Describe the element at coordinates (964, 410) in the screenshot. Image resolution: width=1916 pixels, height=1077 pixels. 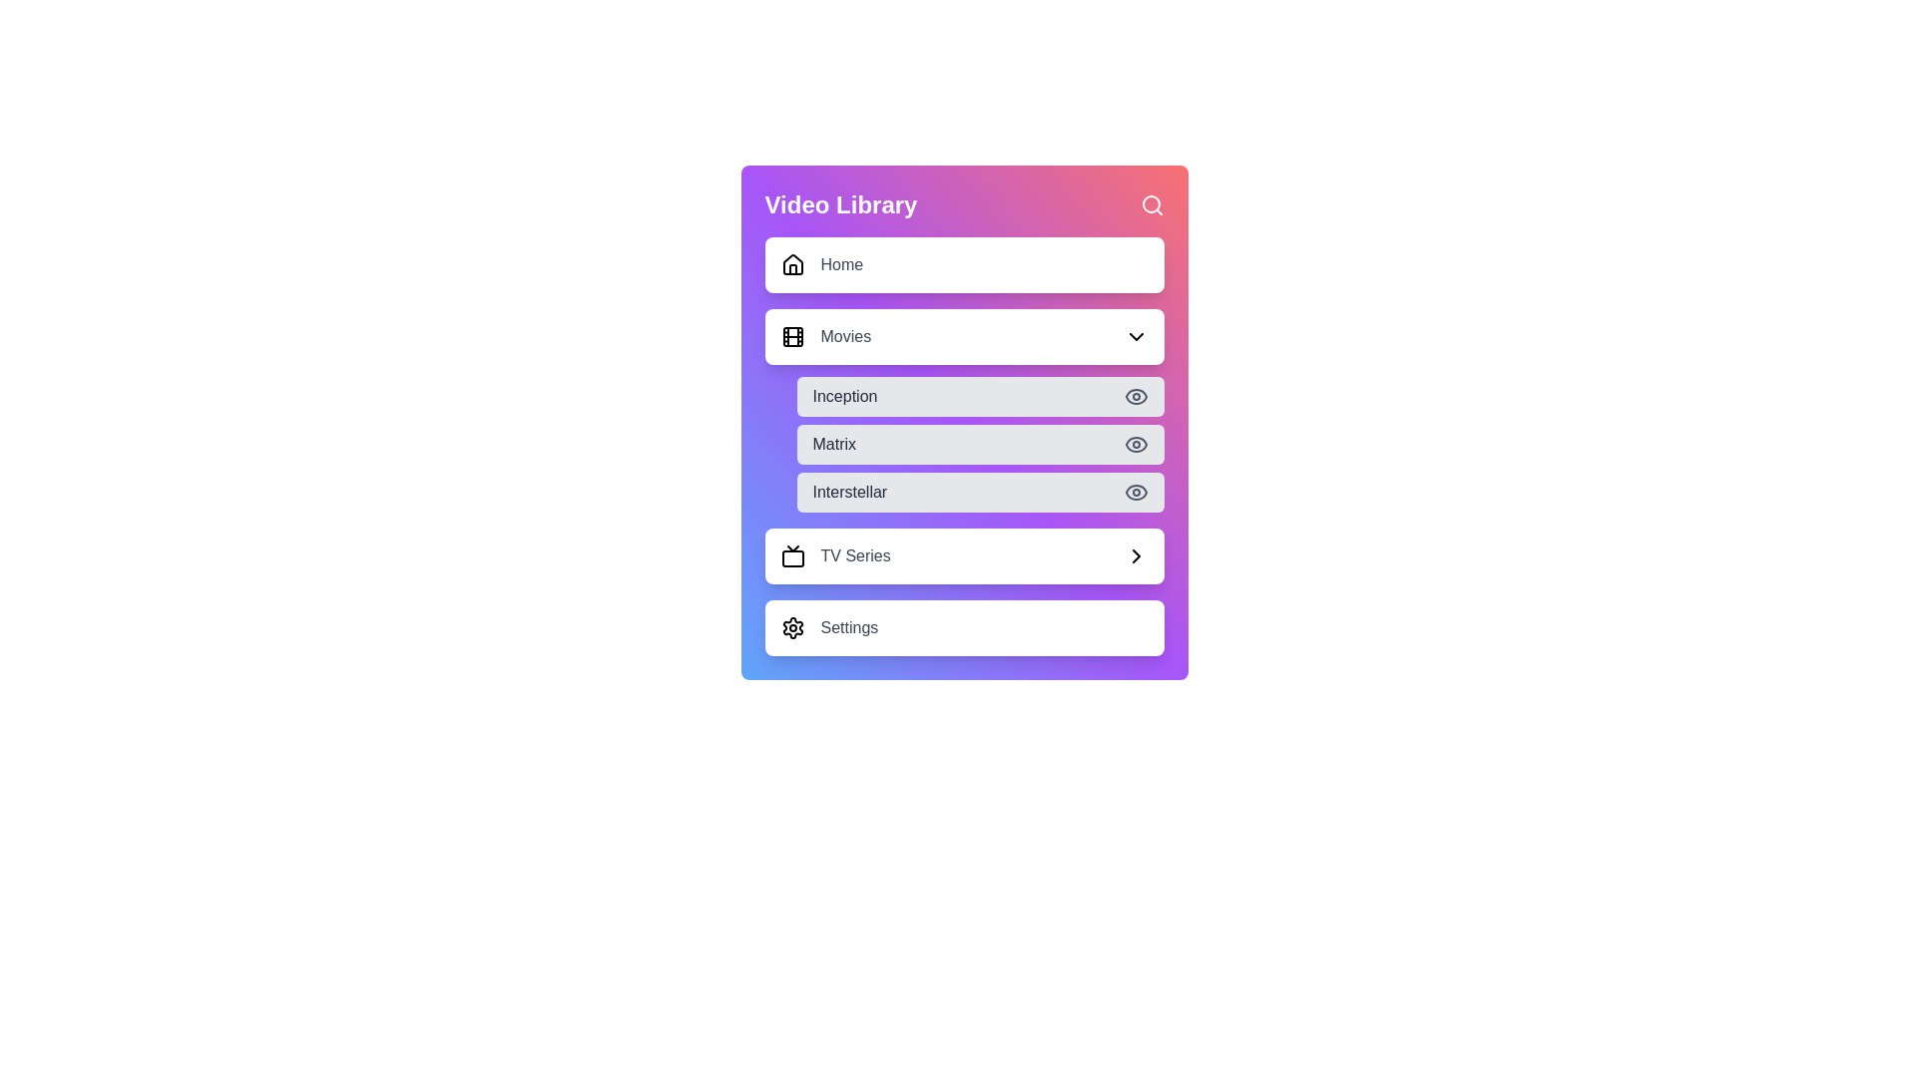
I see `the movie options in the 'Movies' dropdown section, which includes 'Inception', 'Matrix', and 'Interstellar'` at that location.